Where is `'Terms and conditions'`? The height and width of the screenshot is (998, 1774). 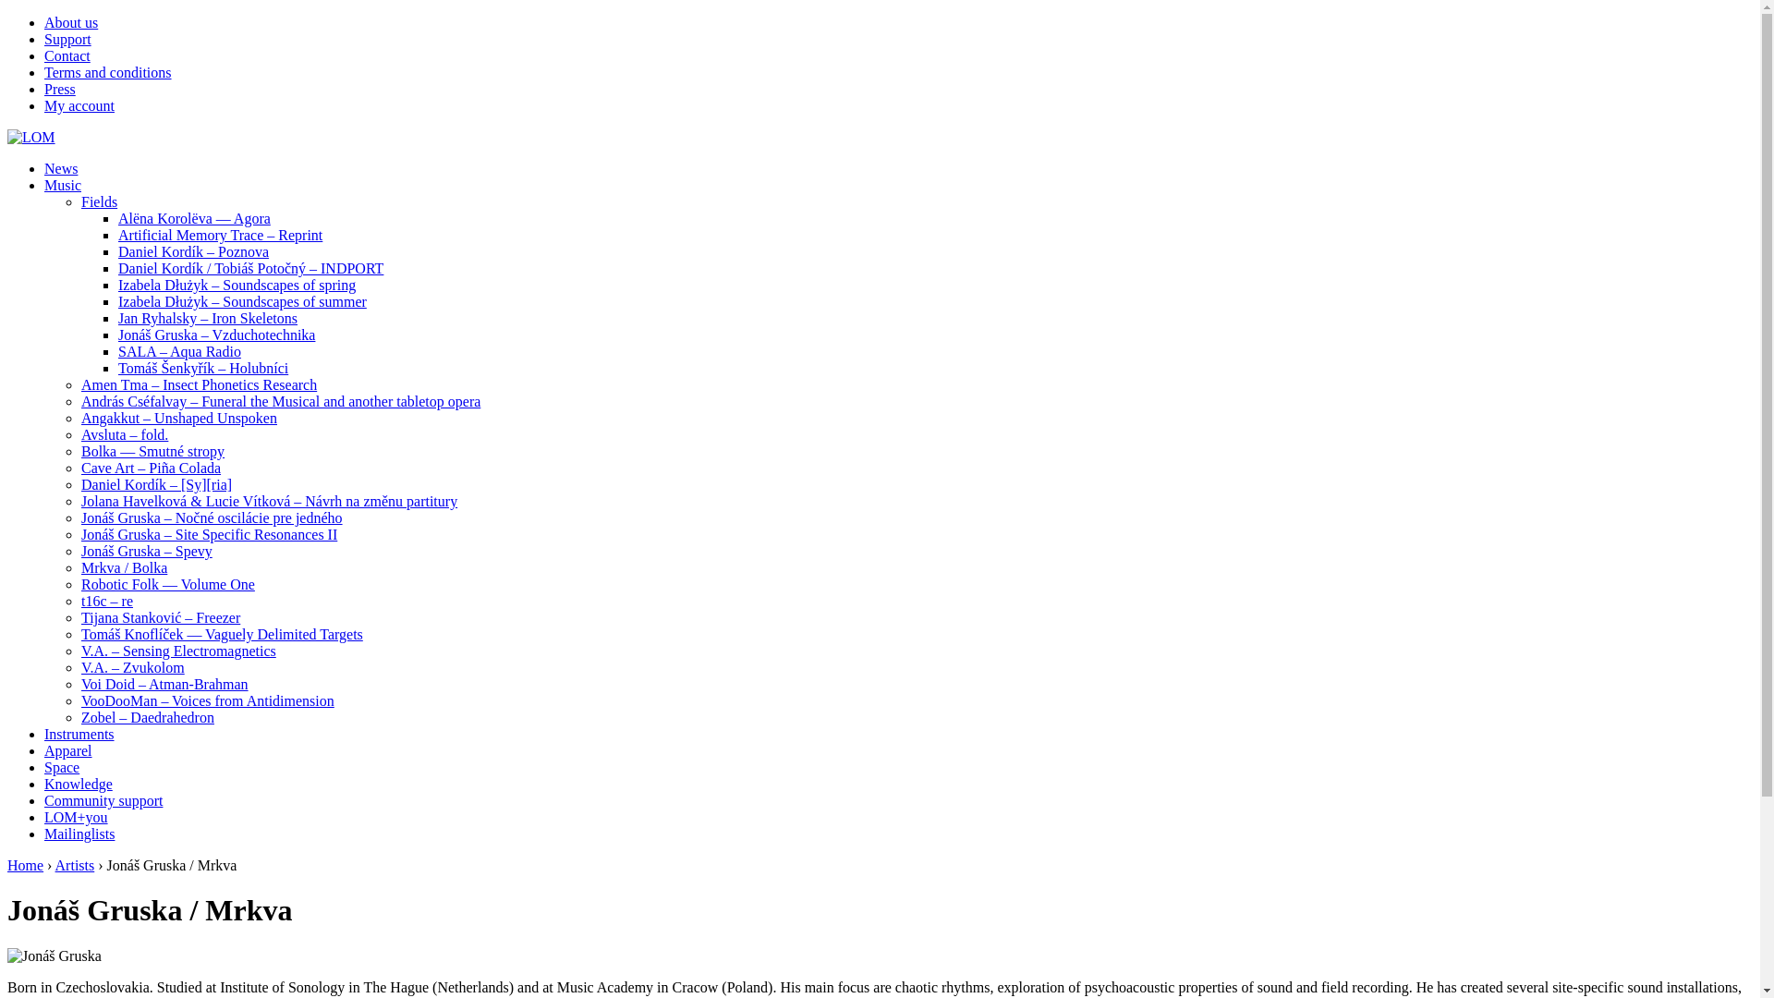 'Terms and conditions' is located at coordinates (106, 71).